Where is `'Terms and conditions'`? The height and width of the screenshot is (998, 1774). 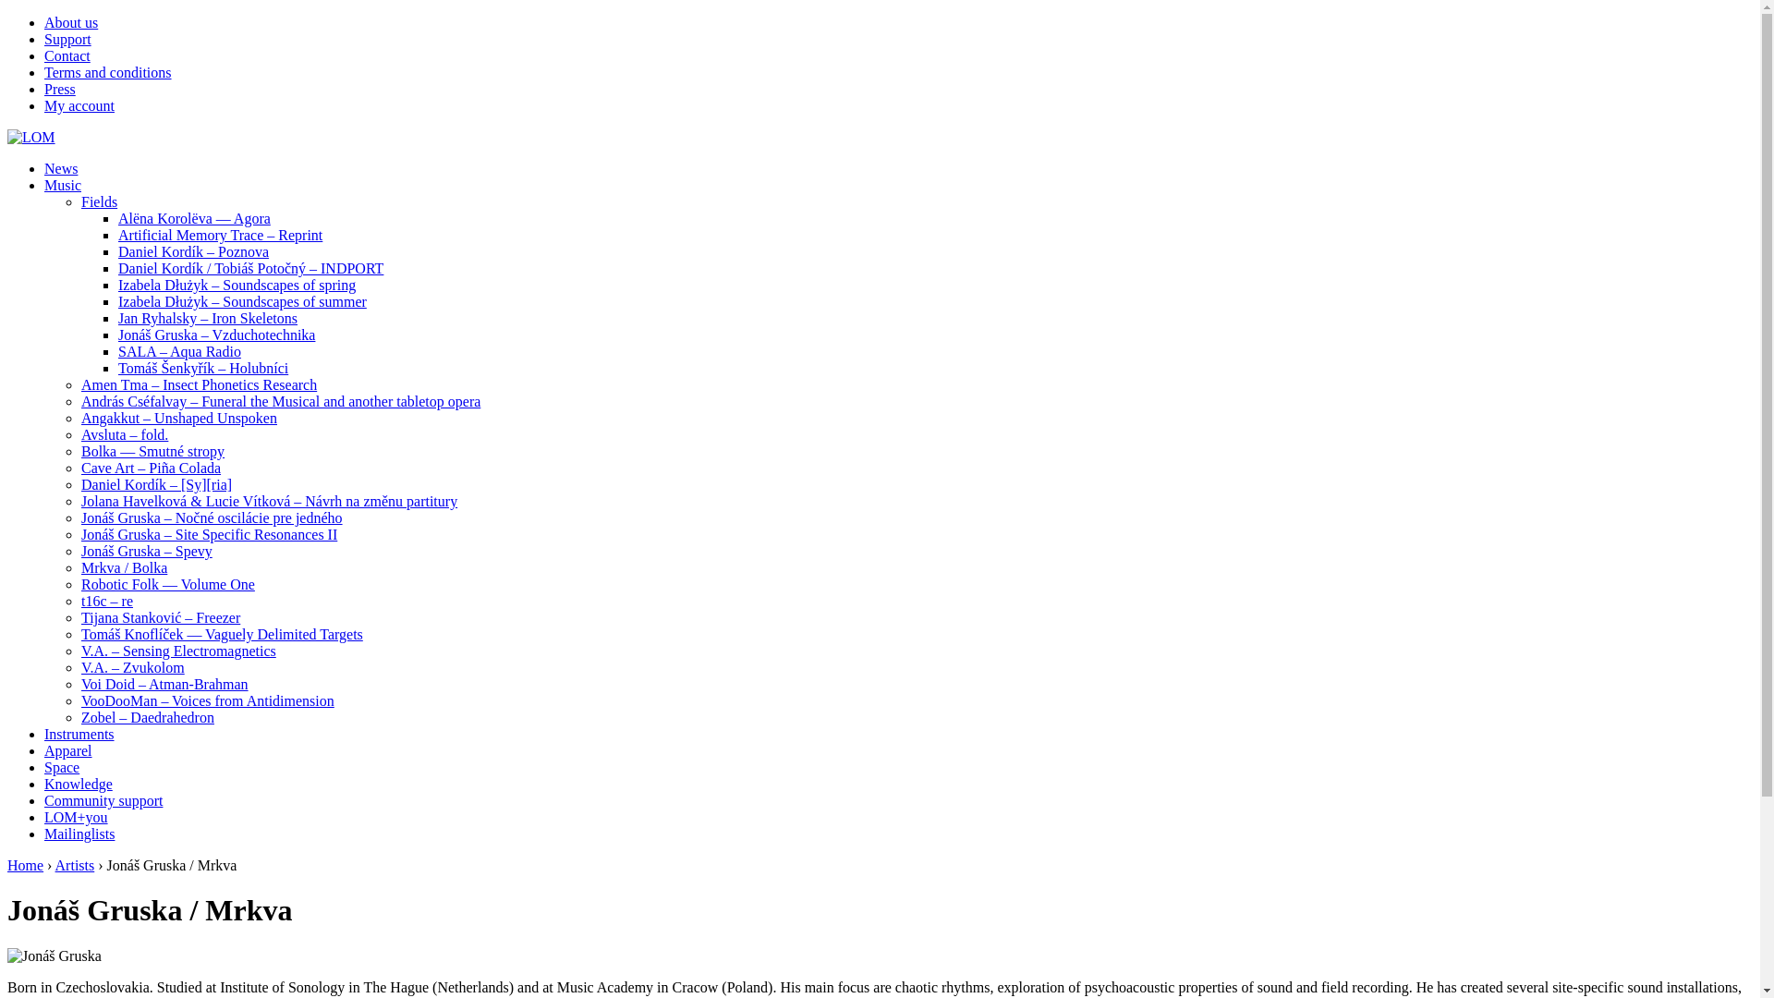 'Terms and conditions' is located at coordinates (106, 71).